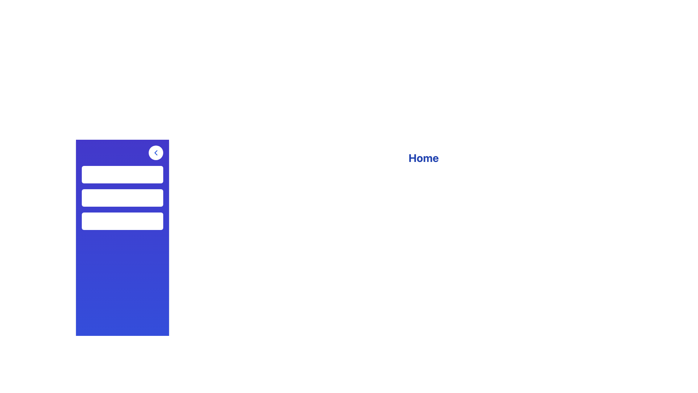 This screenshot has height=393, width=698. I want to click on the second menu item in the vertical menu list that navigates to the contact section, located below 'Home' and above 'About Us', so click(122, 198).